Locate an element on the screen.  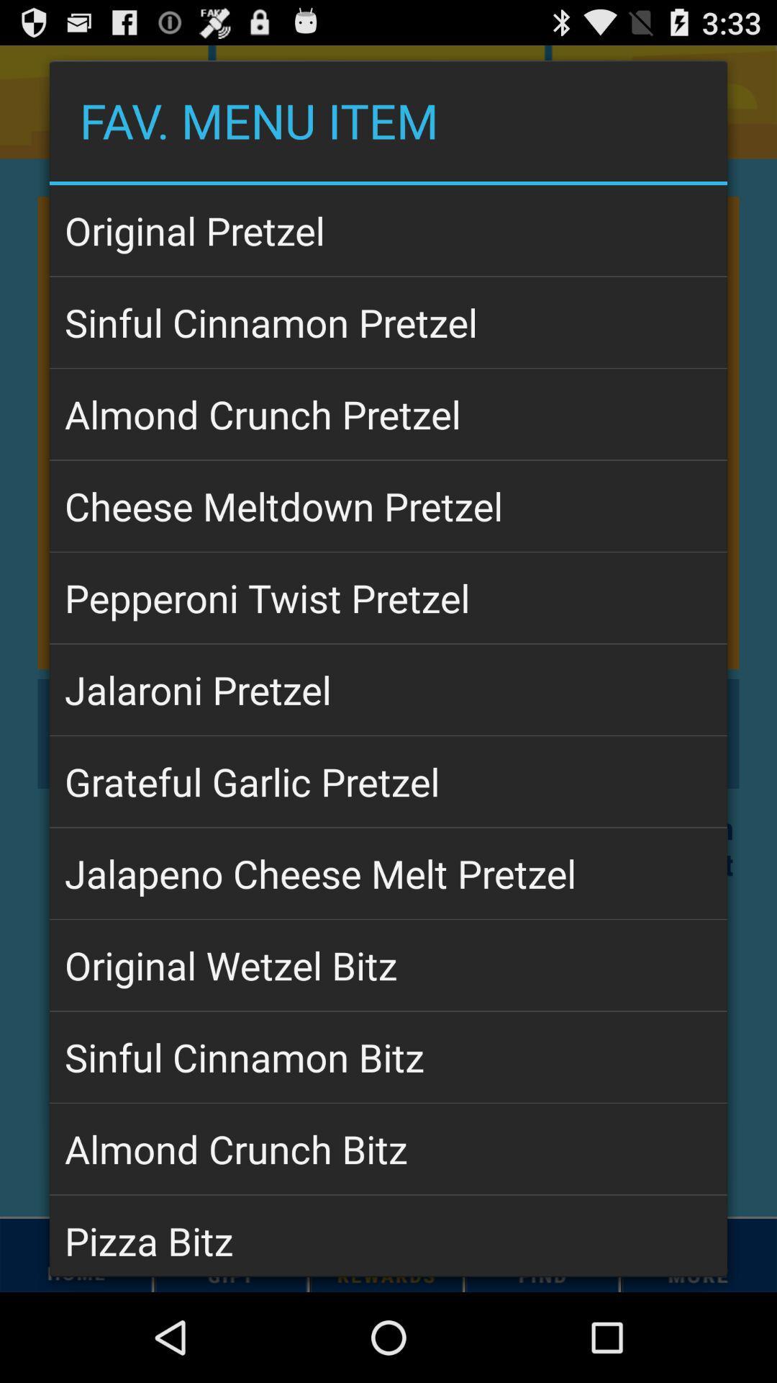
app above pepperoni twist pretzel is located at coordinates (388, 506).